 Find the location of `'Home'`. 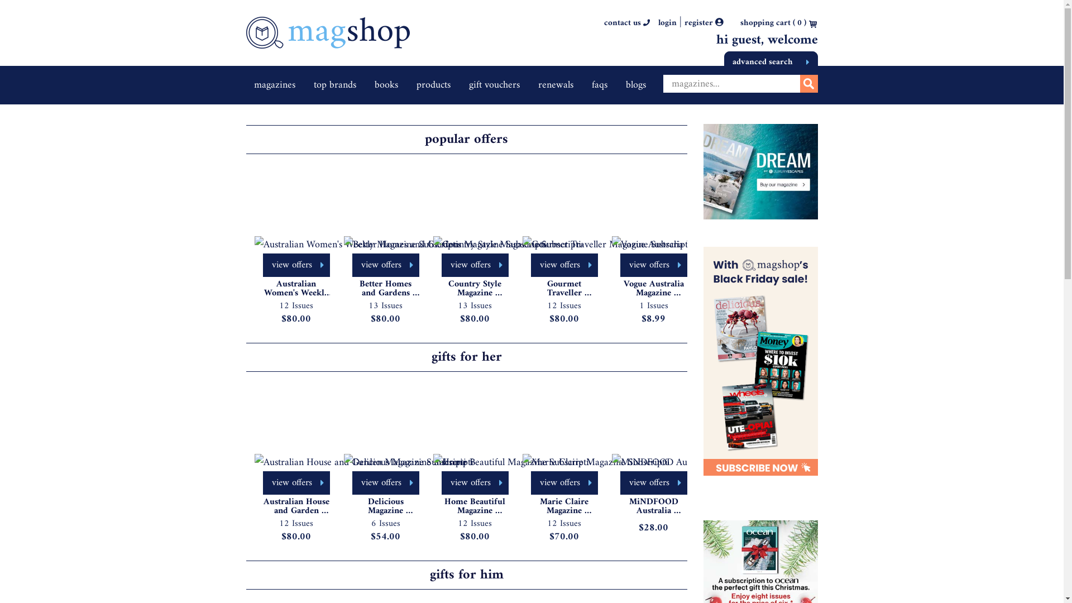

'Home' is located at coordinates (327, 40).